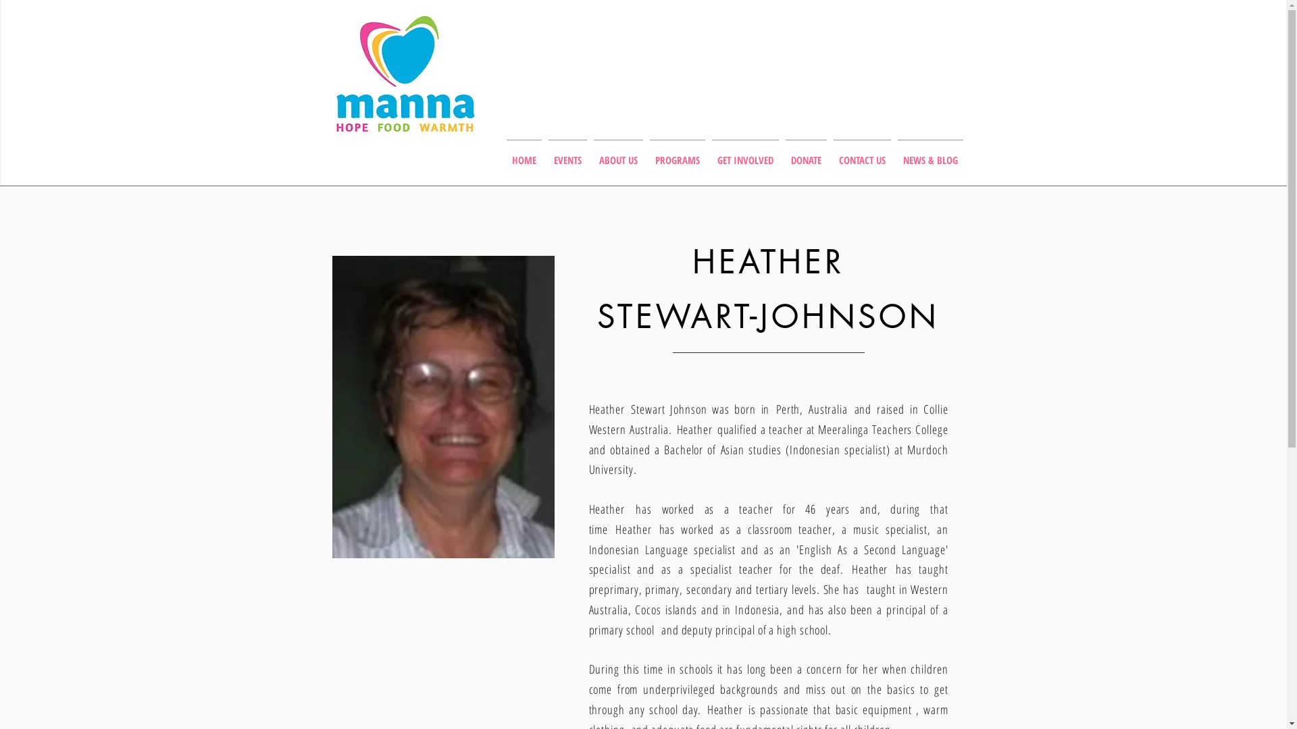  I want to click on 'HOME', so click(522, 153).